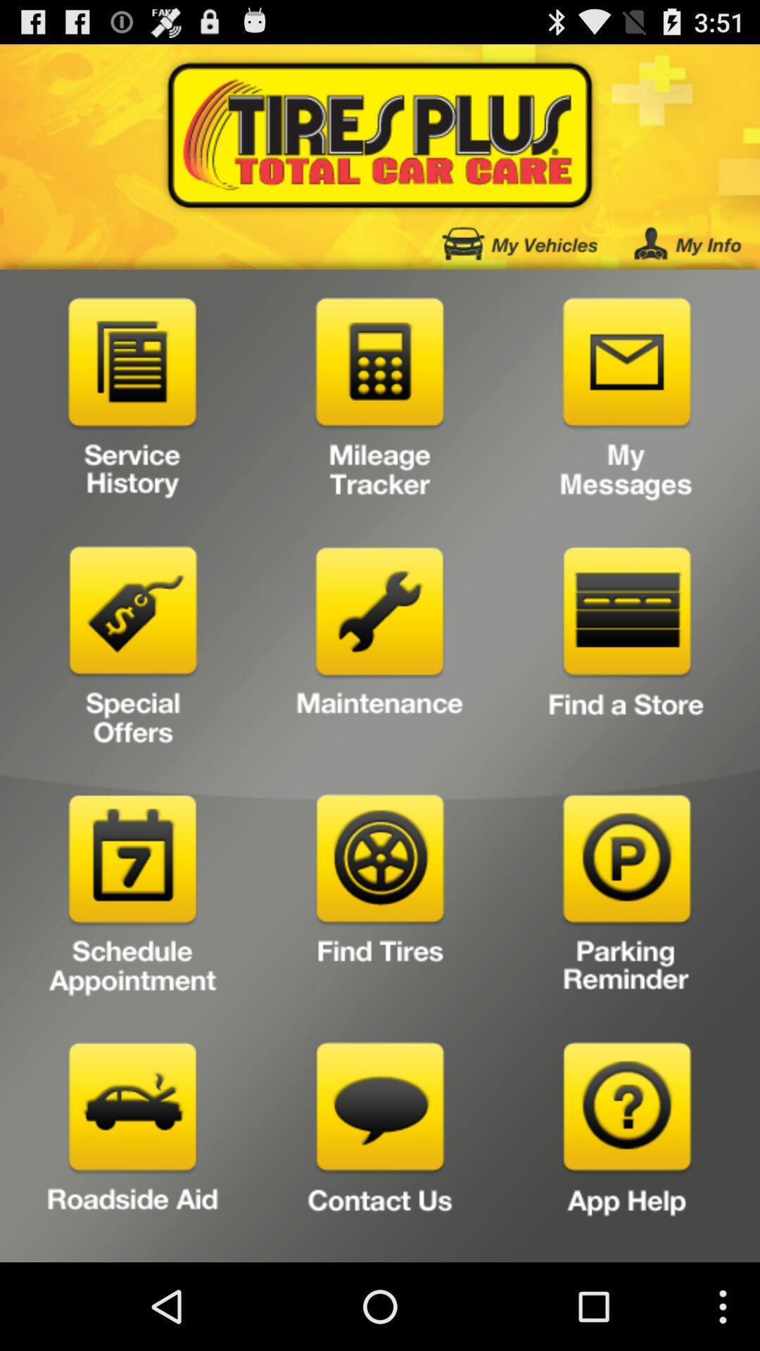  Describe the element at coordinates (133, 402) in the screenshot. I see `icon at the top left corner` at that location.